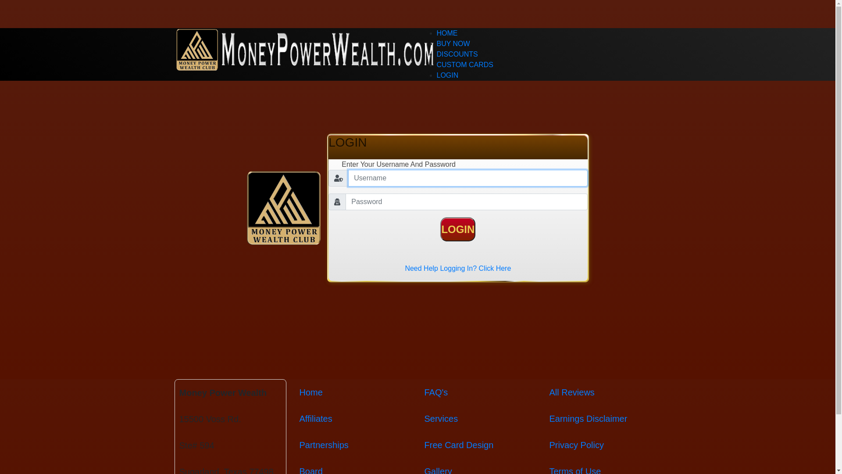 This screenshot has width=842, height=474. I want to click on 'Services', so click(441, 418).